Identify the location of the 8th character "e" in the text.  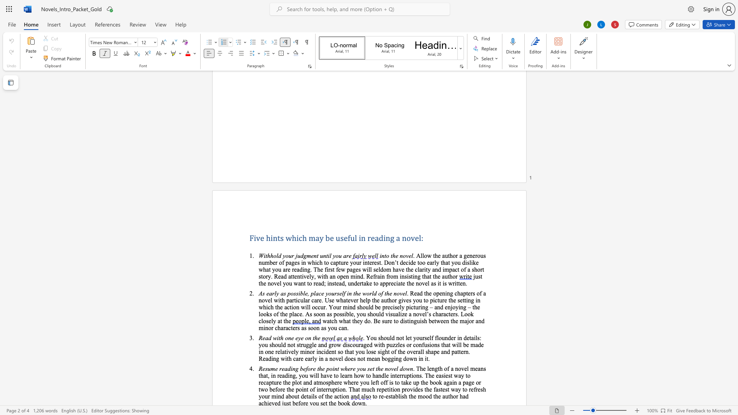
(293, 328).